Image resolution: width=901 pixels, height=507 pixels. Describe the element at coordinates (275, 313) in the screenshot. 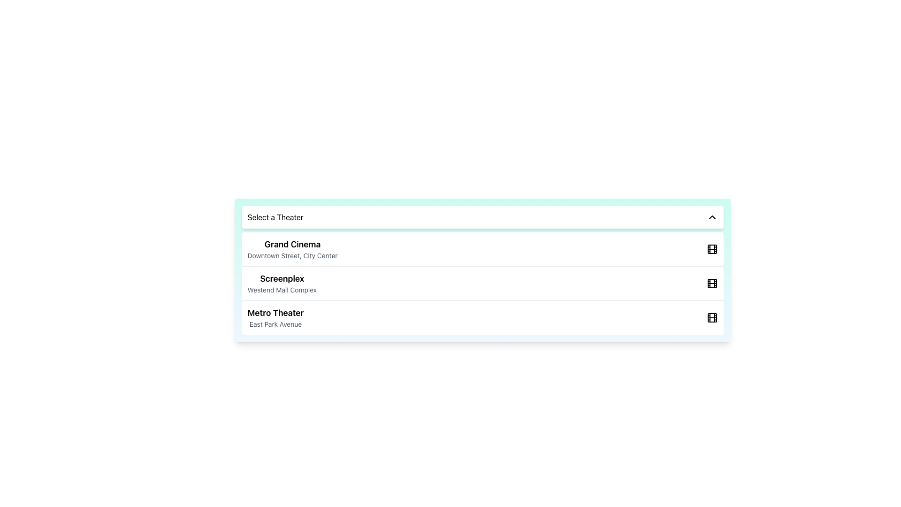

I see `the 'Metro Theater' text display, which is a bold and large labeled element positioned above the subtitle 'East Park Avenue' in the theater list` at that location.